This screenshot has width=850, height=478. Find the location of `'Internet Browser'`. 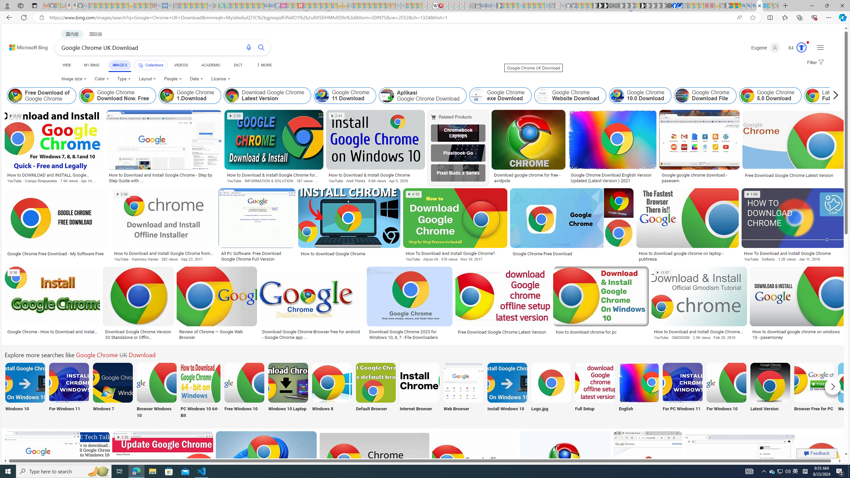

'Internet Browser' is located at coordinates (419, 390).